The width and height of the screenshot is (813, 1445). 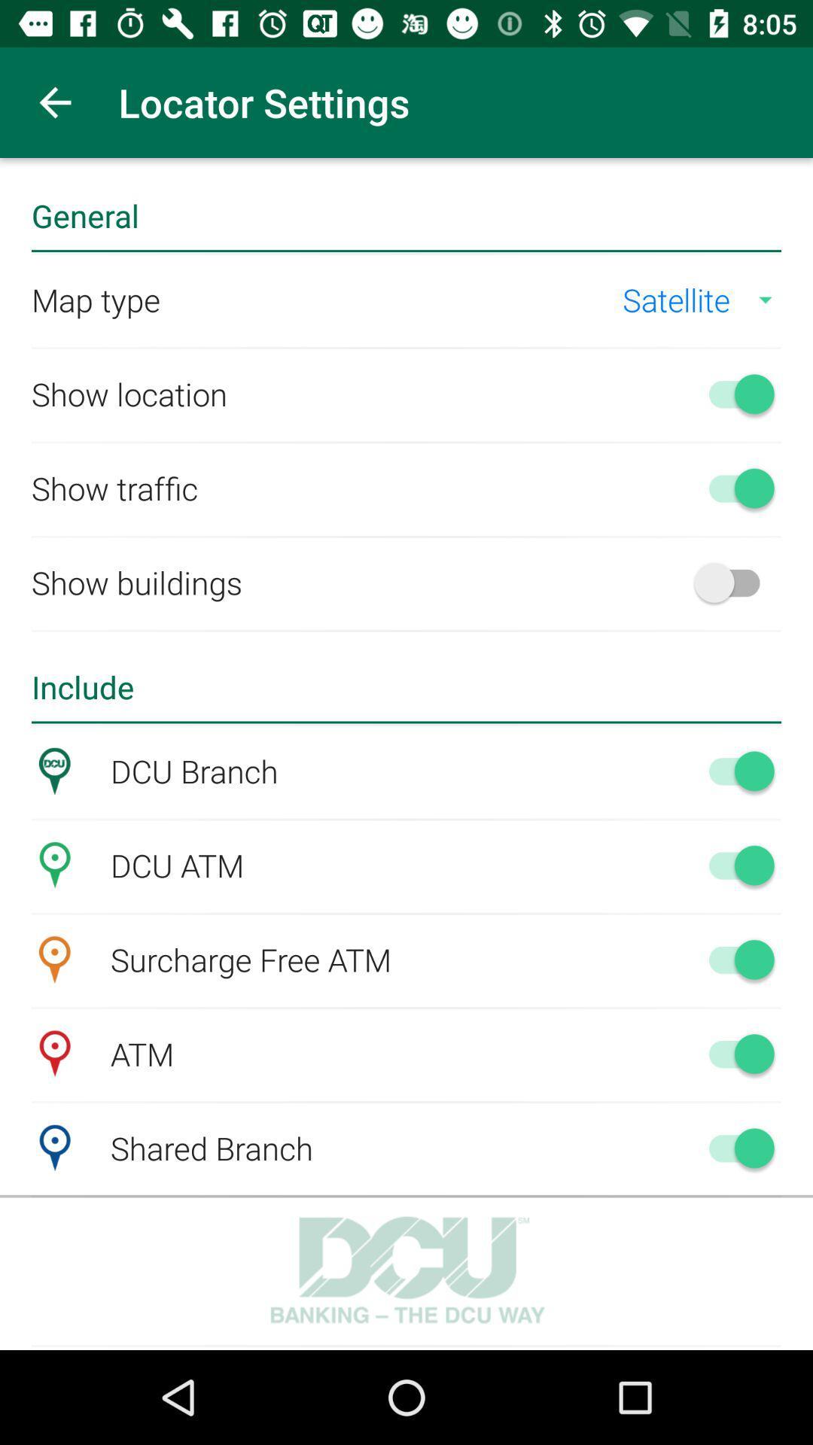 I want to click on enabling or disabling shared branch button, so click(x=733, y=1147).